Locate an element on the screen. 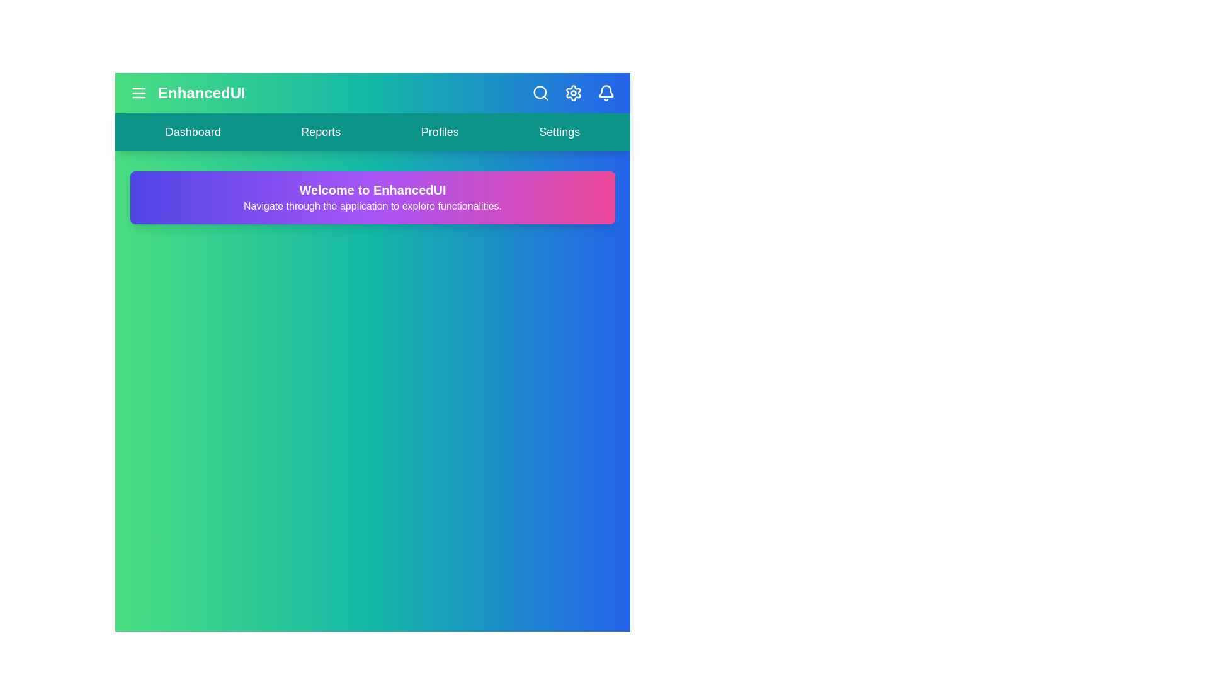 This screenshot has width=1209, height=680. the search icon in the header is located at coordinates (541, 92).